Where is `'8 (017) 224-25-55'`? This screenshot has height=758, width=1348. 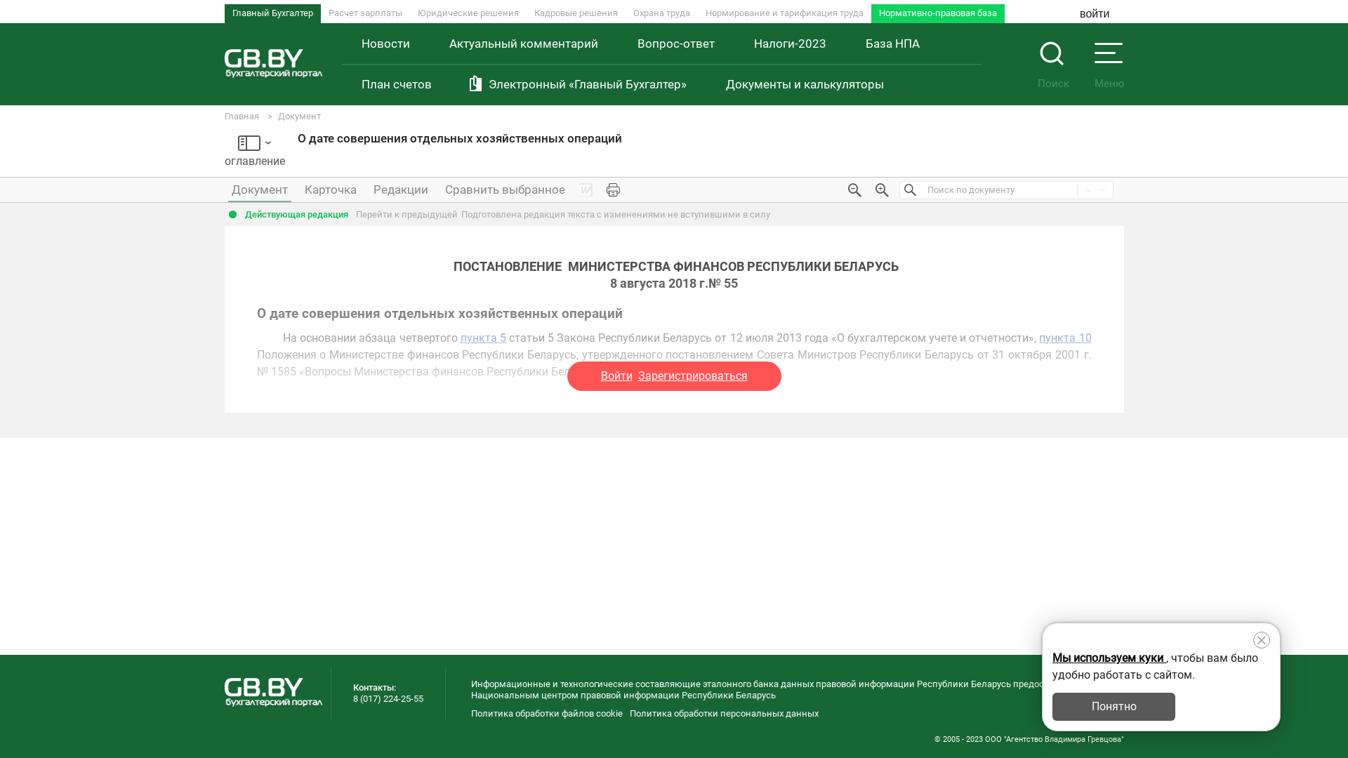 '8 (017) 224-25-55' is located at coordinates (388, 698).